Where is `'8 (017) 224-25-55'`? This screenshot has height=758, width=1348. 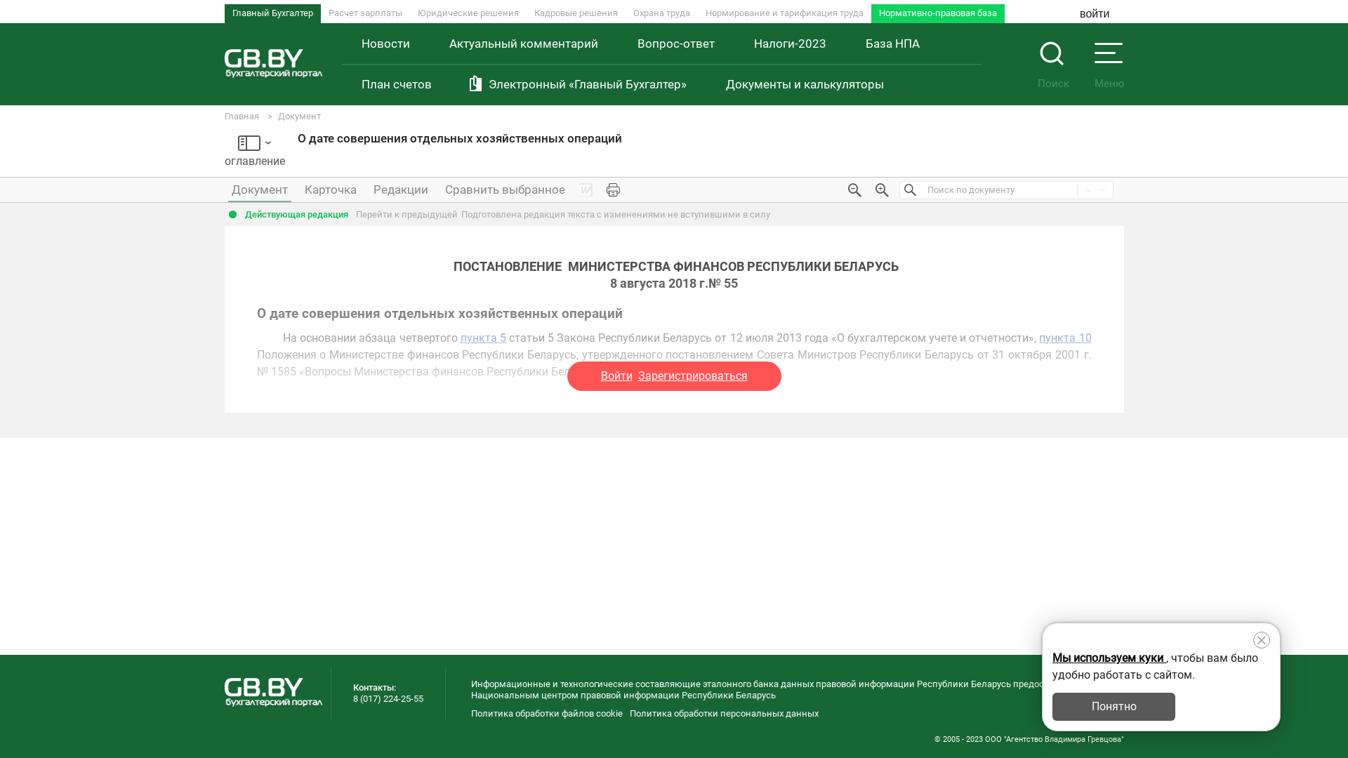 '8 (017) 224-25-55' is located at coordinates (388, 698).